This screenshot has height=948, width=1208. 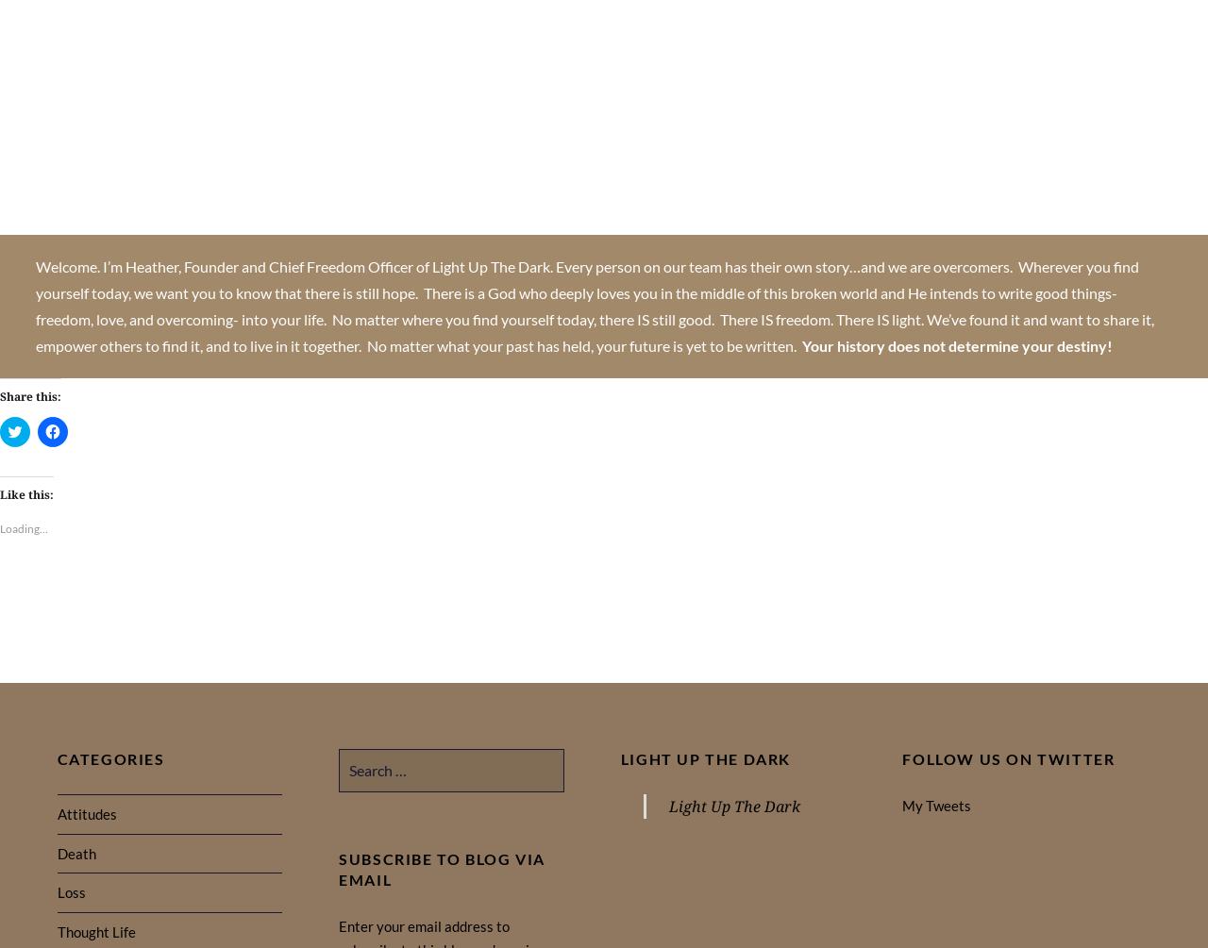 I want to click on 'Share this:', so click(x=30, y=396).